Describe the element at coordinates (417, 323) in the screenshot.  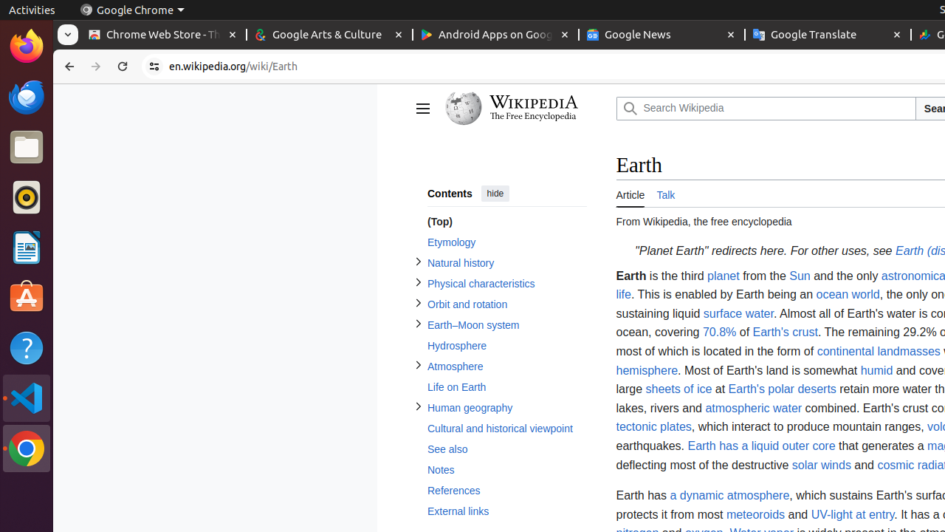
I see `'Toggle Earth–Moon system subsection'` at that location.